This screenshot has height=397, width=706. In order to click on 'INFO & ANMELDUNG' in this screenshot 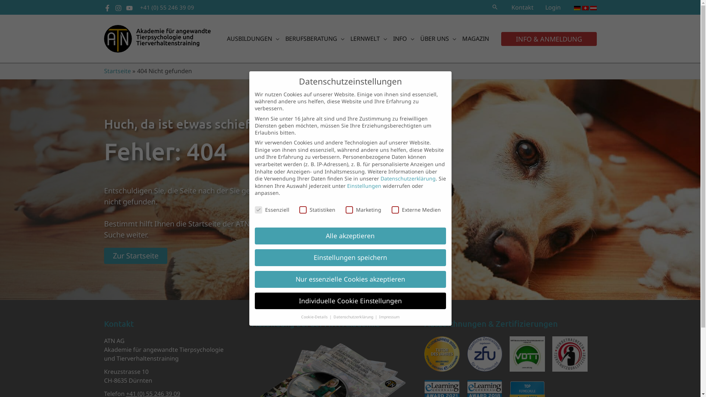, I will do `click(549, 39)`.